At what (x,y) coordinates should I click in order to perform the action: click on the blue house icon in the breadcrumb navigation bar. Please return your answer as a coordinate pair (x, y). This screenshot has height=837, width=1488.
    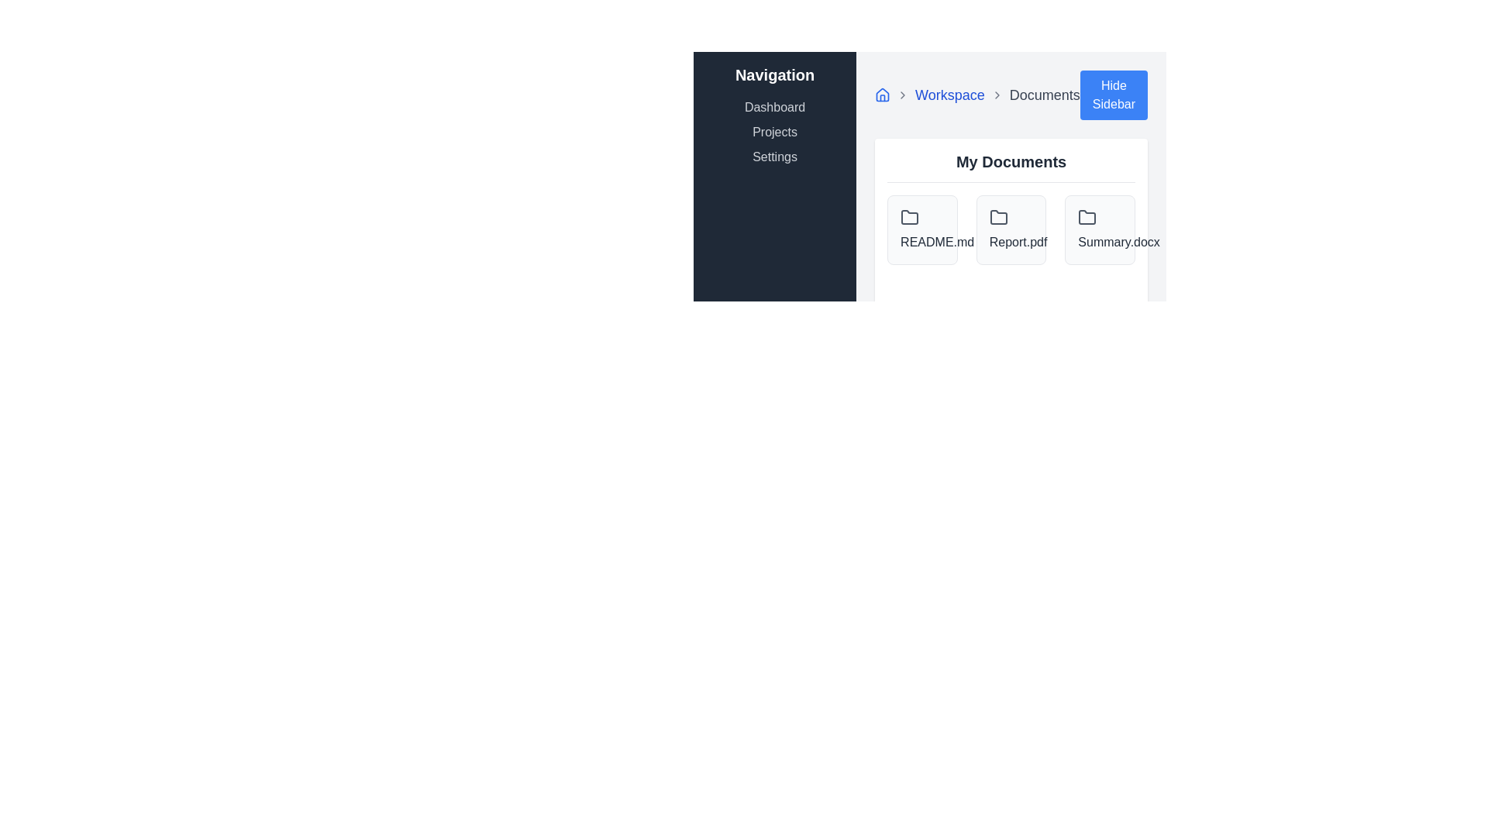
    Looking at the image, I should click on (883, 95).